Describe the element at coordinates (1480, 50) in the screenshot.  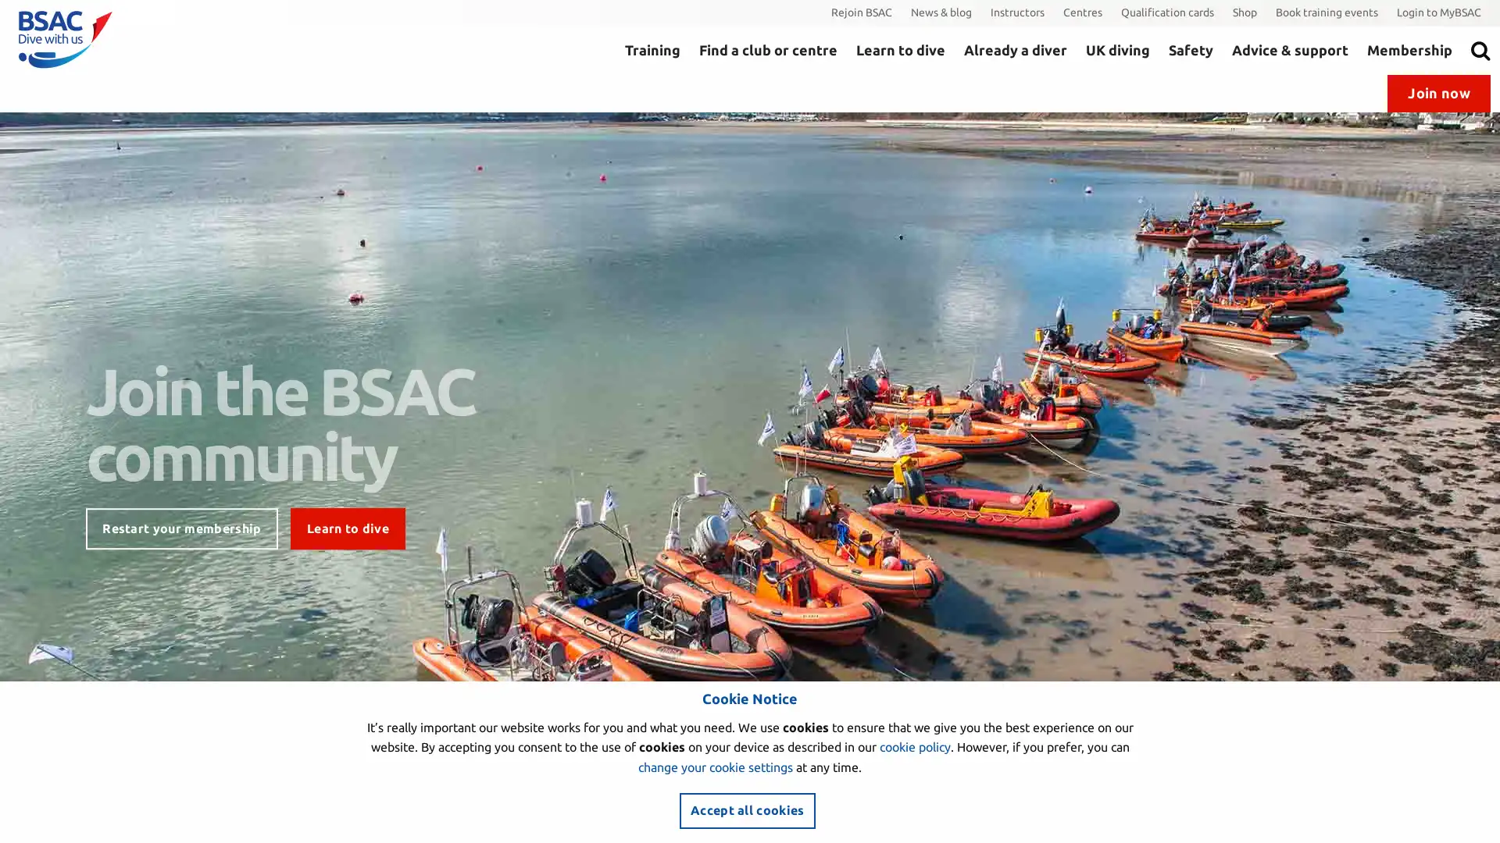
I see `Search` at that location.